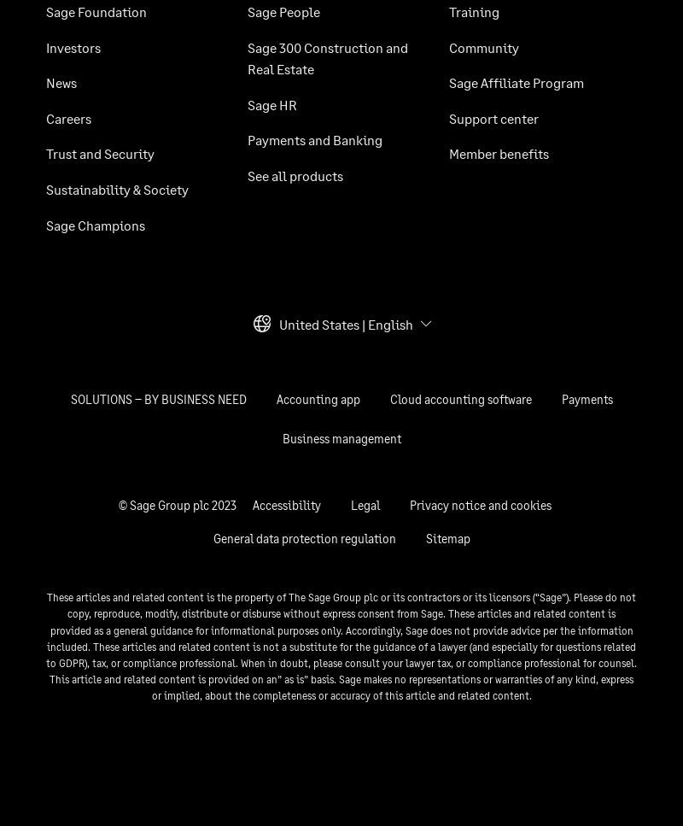  I want to click on 'Business management', so click(281, 437).